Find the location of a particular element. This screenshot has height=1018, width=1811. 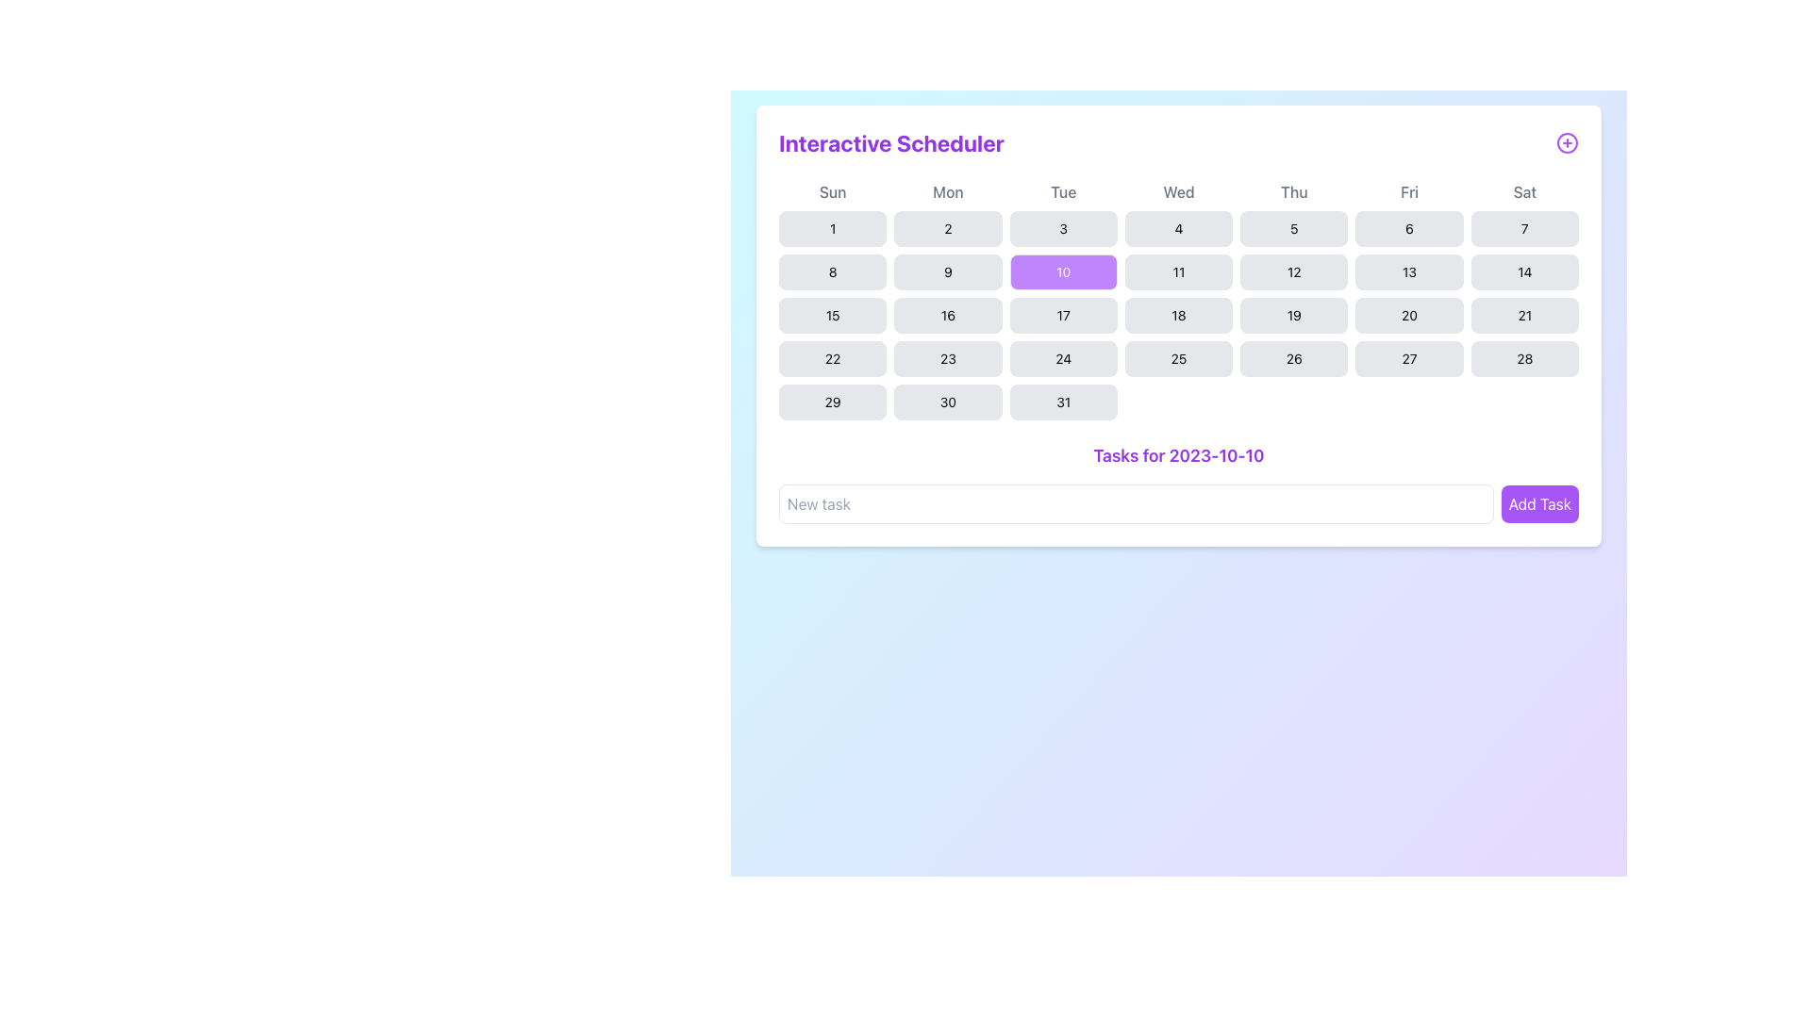

the interactive button representing Friday in the calendar is located at coordinates (1409, 359).